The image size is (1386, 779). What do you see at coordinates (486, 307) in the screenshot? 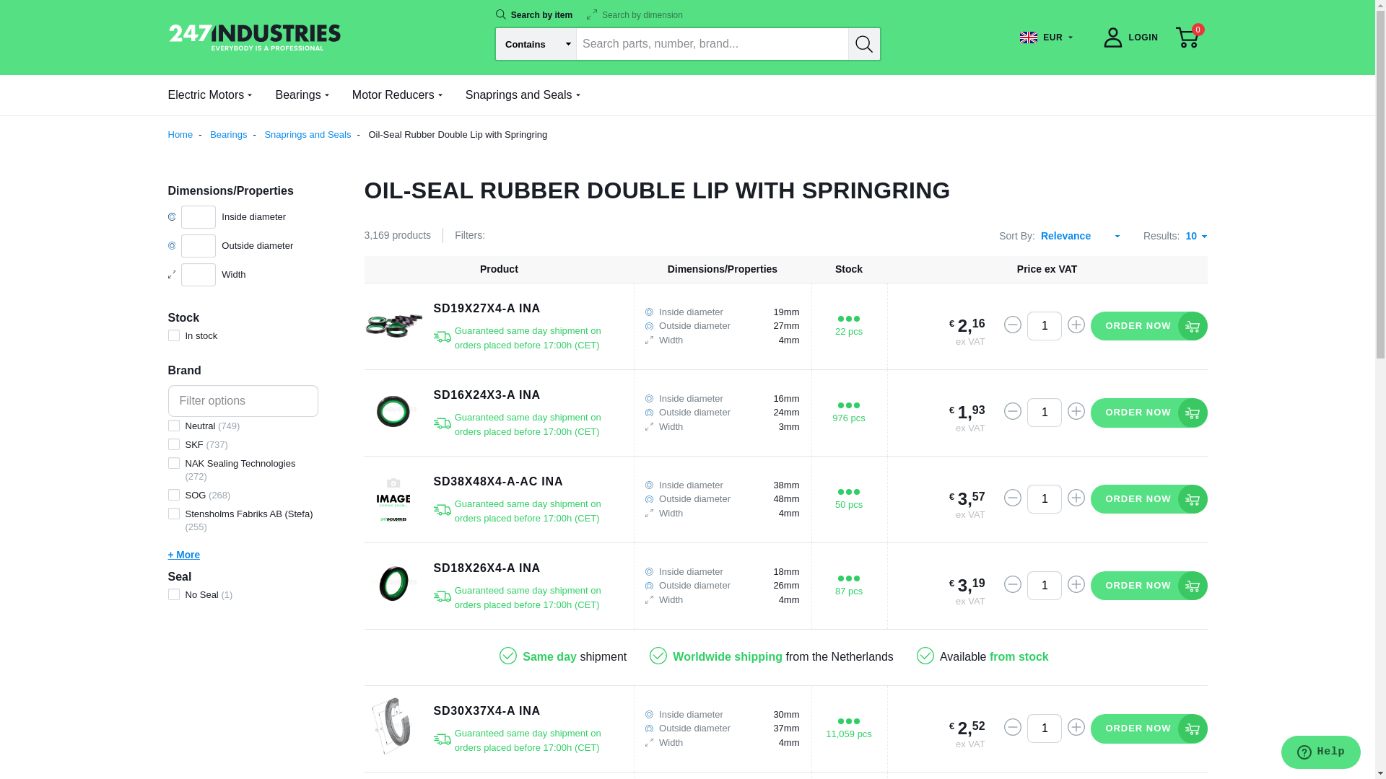
I see `'SD19X27X4-A INA'` at bounding box center [486, 307].